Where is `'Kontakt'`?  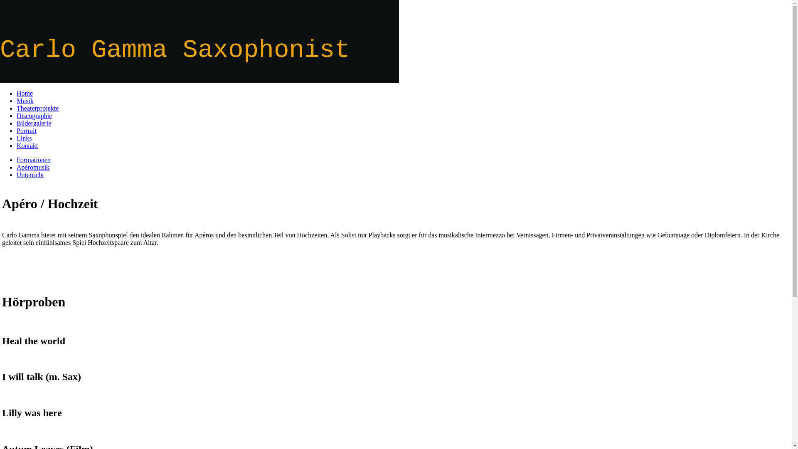
'Kontakt' is located at coordinates (27, 145).